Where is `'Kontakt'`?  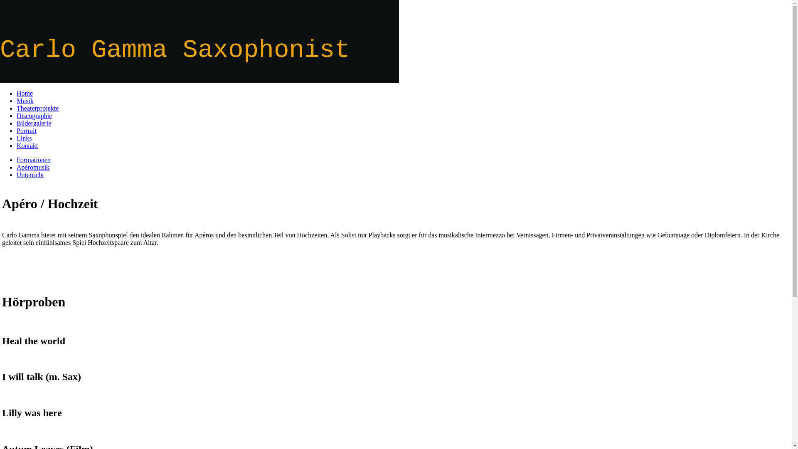
'Kontakt' is located at coordinates (27, 145).